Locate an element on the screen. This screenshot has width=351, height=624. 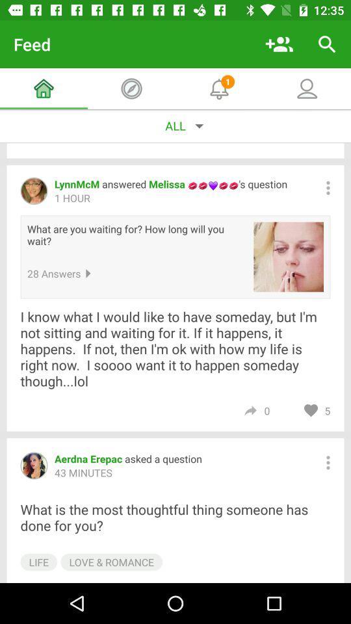
the second more button is located at coordinates (328, 463).